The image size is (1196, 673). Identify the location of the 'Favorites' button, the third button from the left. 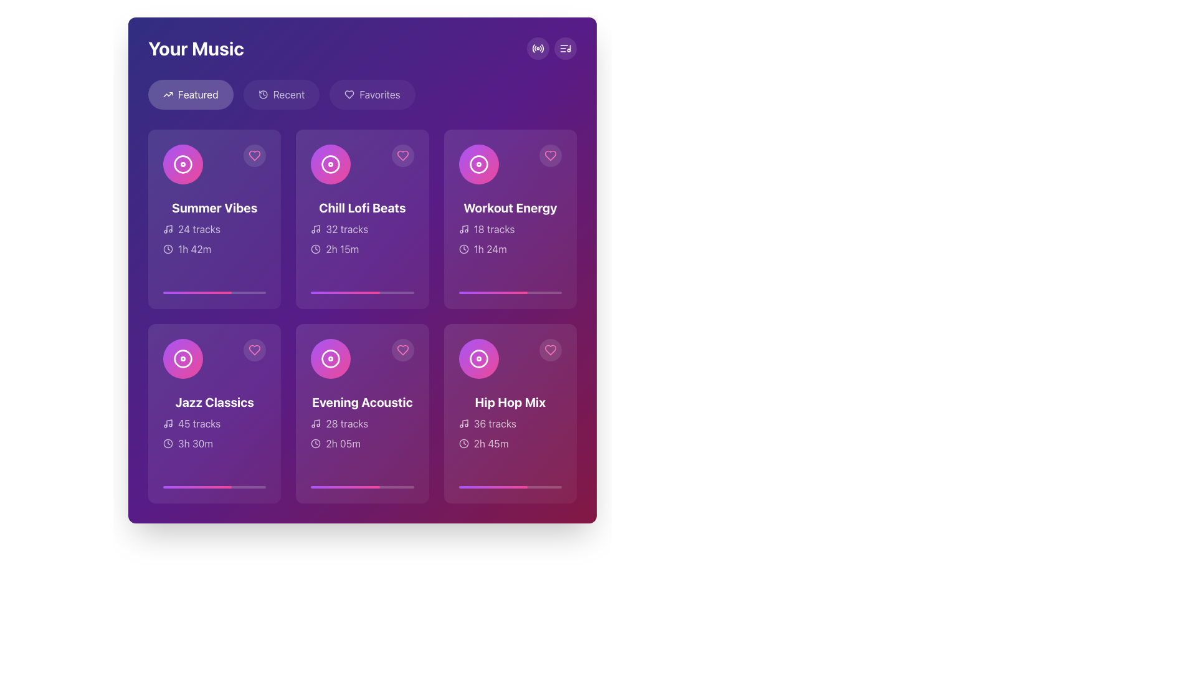
(372, 93).